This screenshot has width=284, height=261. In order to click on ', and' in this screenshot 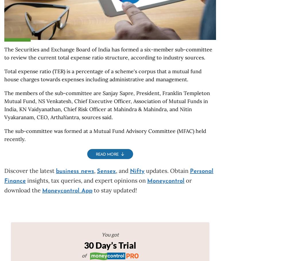, I will do `click(122, 170)`.